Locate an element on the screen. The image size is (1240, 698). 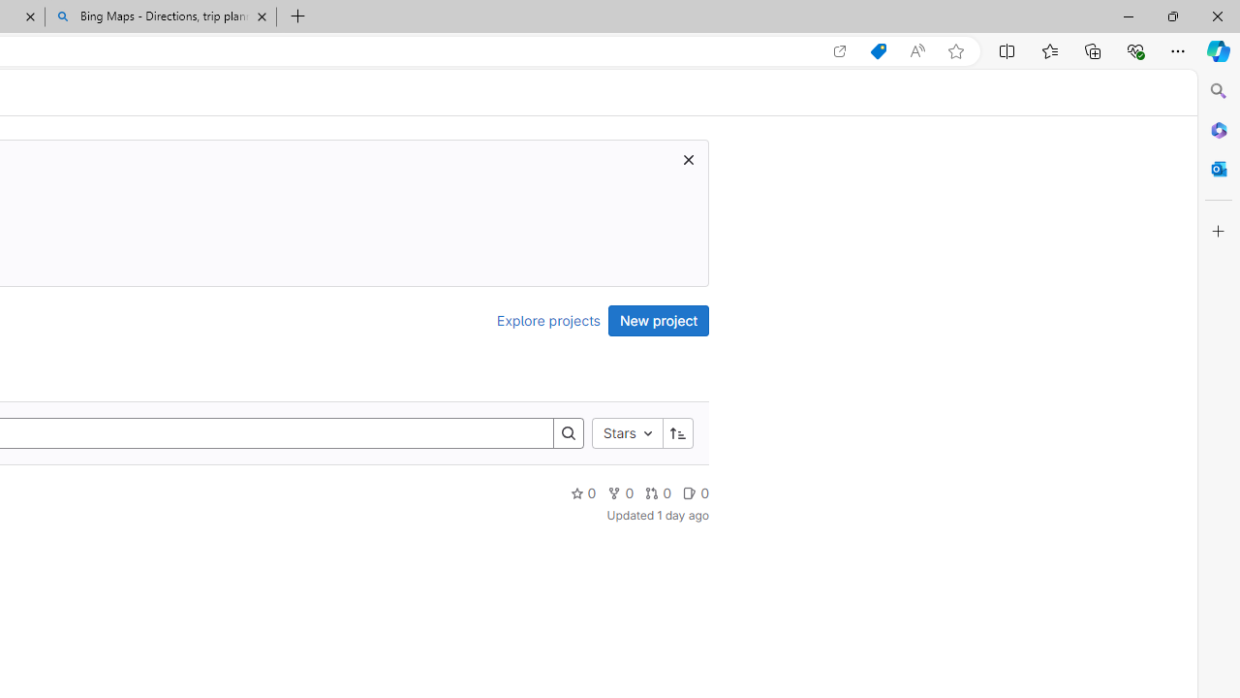
'Customize' is located at coordinates (1218, 231).